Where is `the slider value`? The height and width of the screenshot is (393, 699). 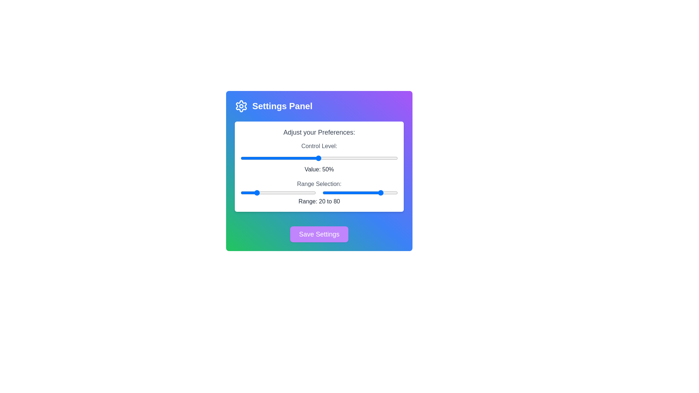
the slider value is located at coordinates (383, 158).